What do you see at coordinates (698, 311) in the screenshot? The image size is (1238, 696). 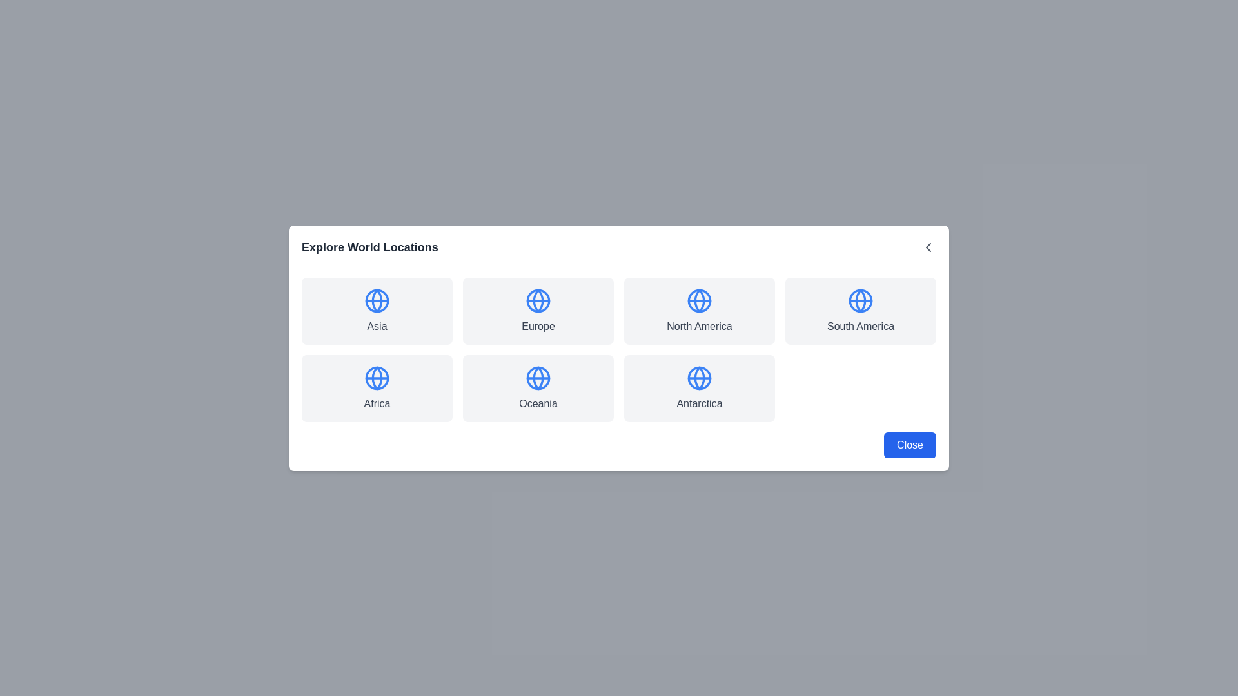 I see `the location North America to select it` at bounding box center [698, 311].